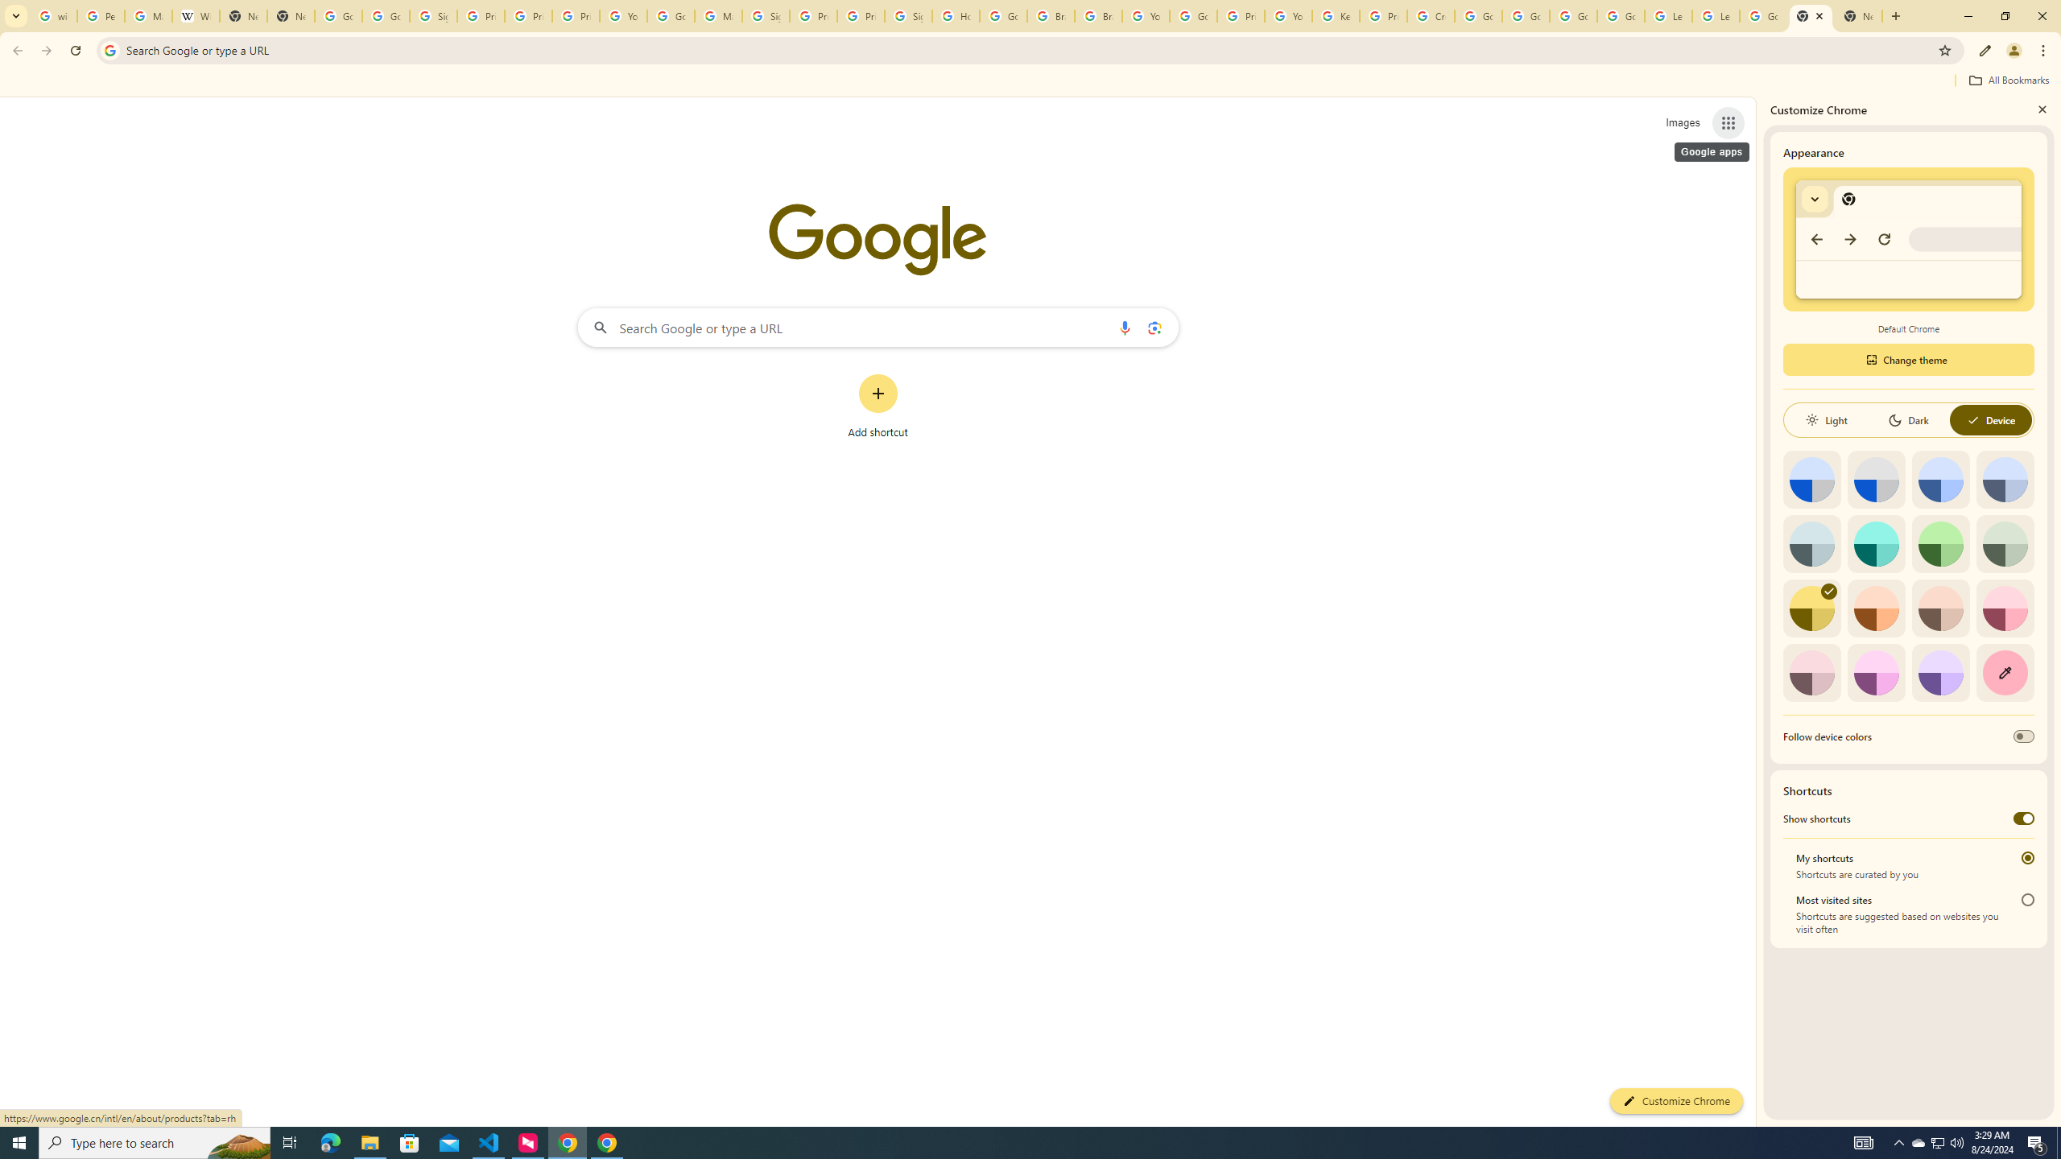 The image size is (2061, 1159). I want to click on 'Wikipedia:Edit requests - Wikipedia', so click(195, 15).